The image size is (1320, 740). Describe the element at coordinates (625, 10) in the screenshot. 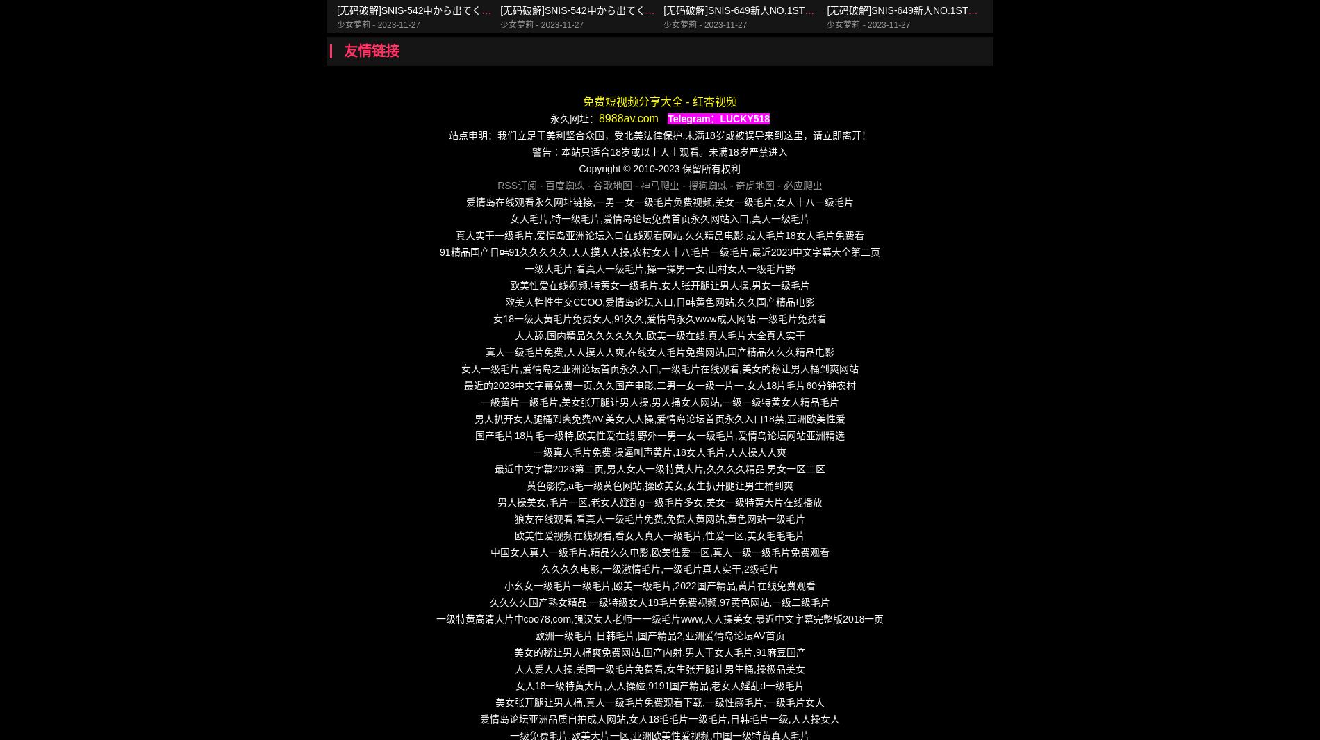

I see `'[无码破解]SNIS-542中から出てくる白濁汁葵つかさ第01集'` at that location.